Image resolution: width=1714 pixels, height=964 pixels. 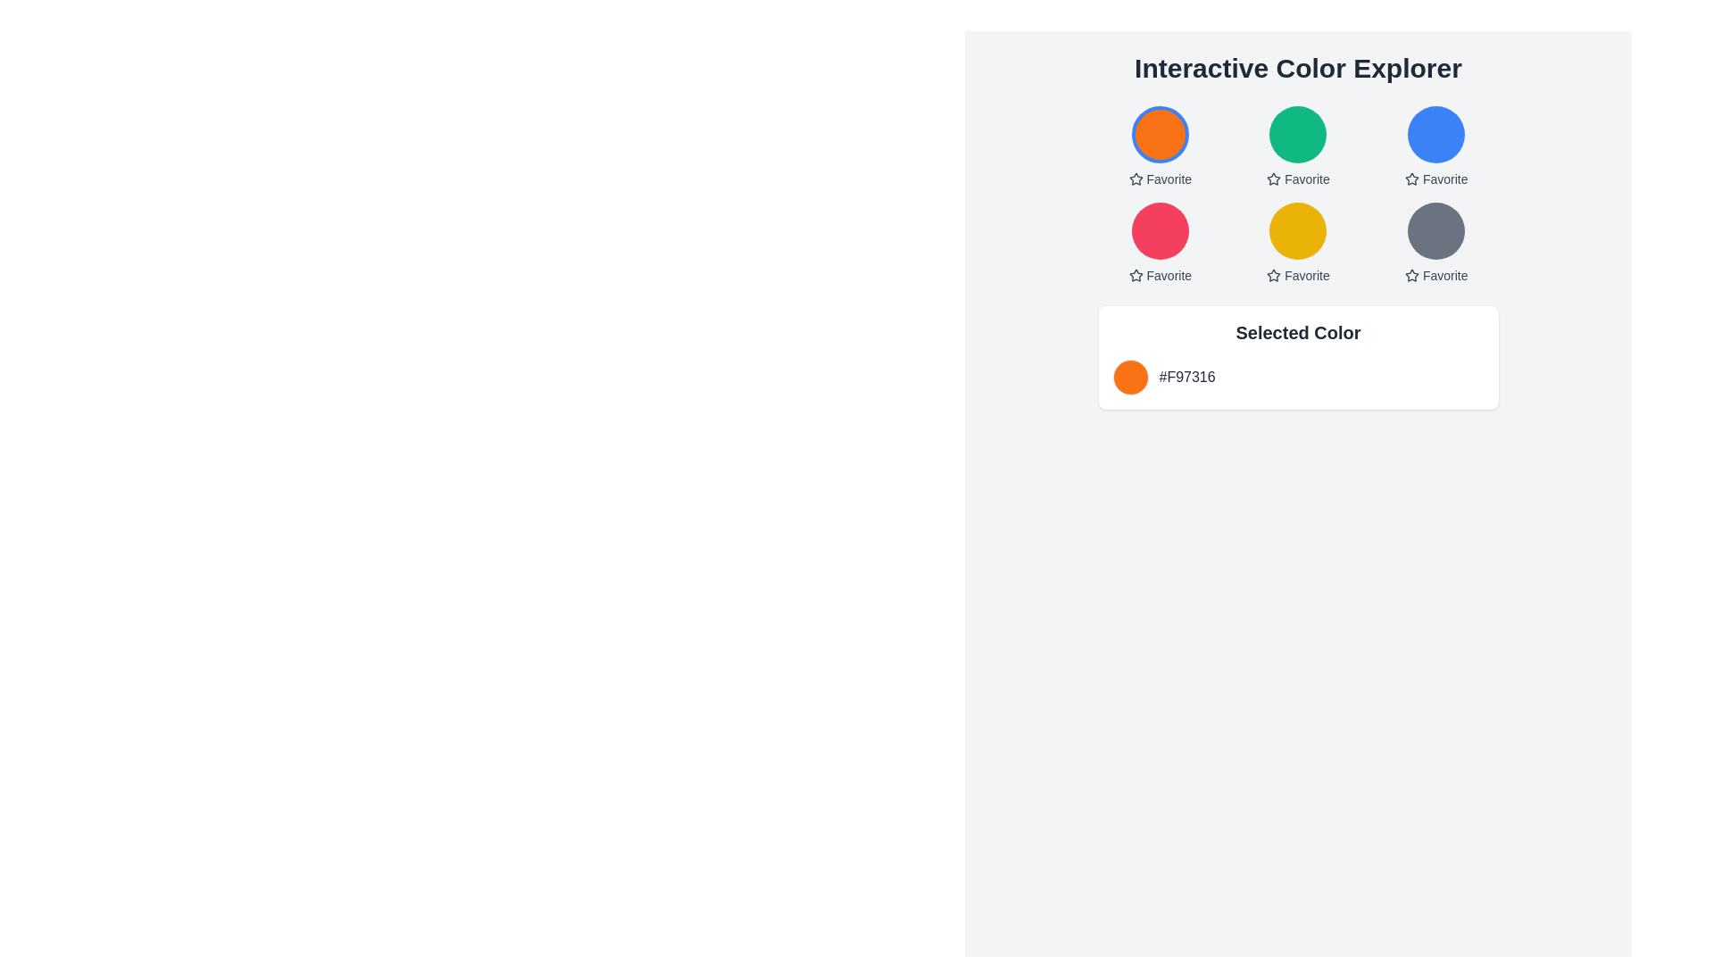 What do you see at coordinates (1436, 179) in the screenshot?
I see `the star icon in the right column of the grid, specifically located below the blue circle item, to mark the associated item as a favorite` at bounding box center [1436, 179].